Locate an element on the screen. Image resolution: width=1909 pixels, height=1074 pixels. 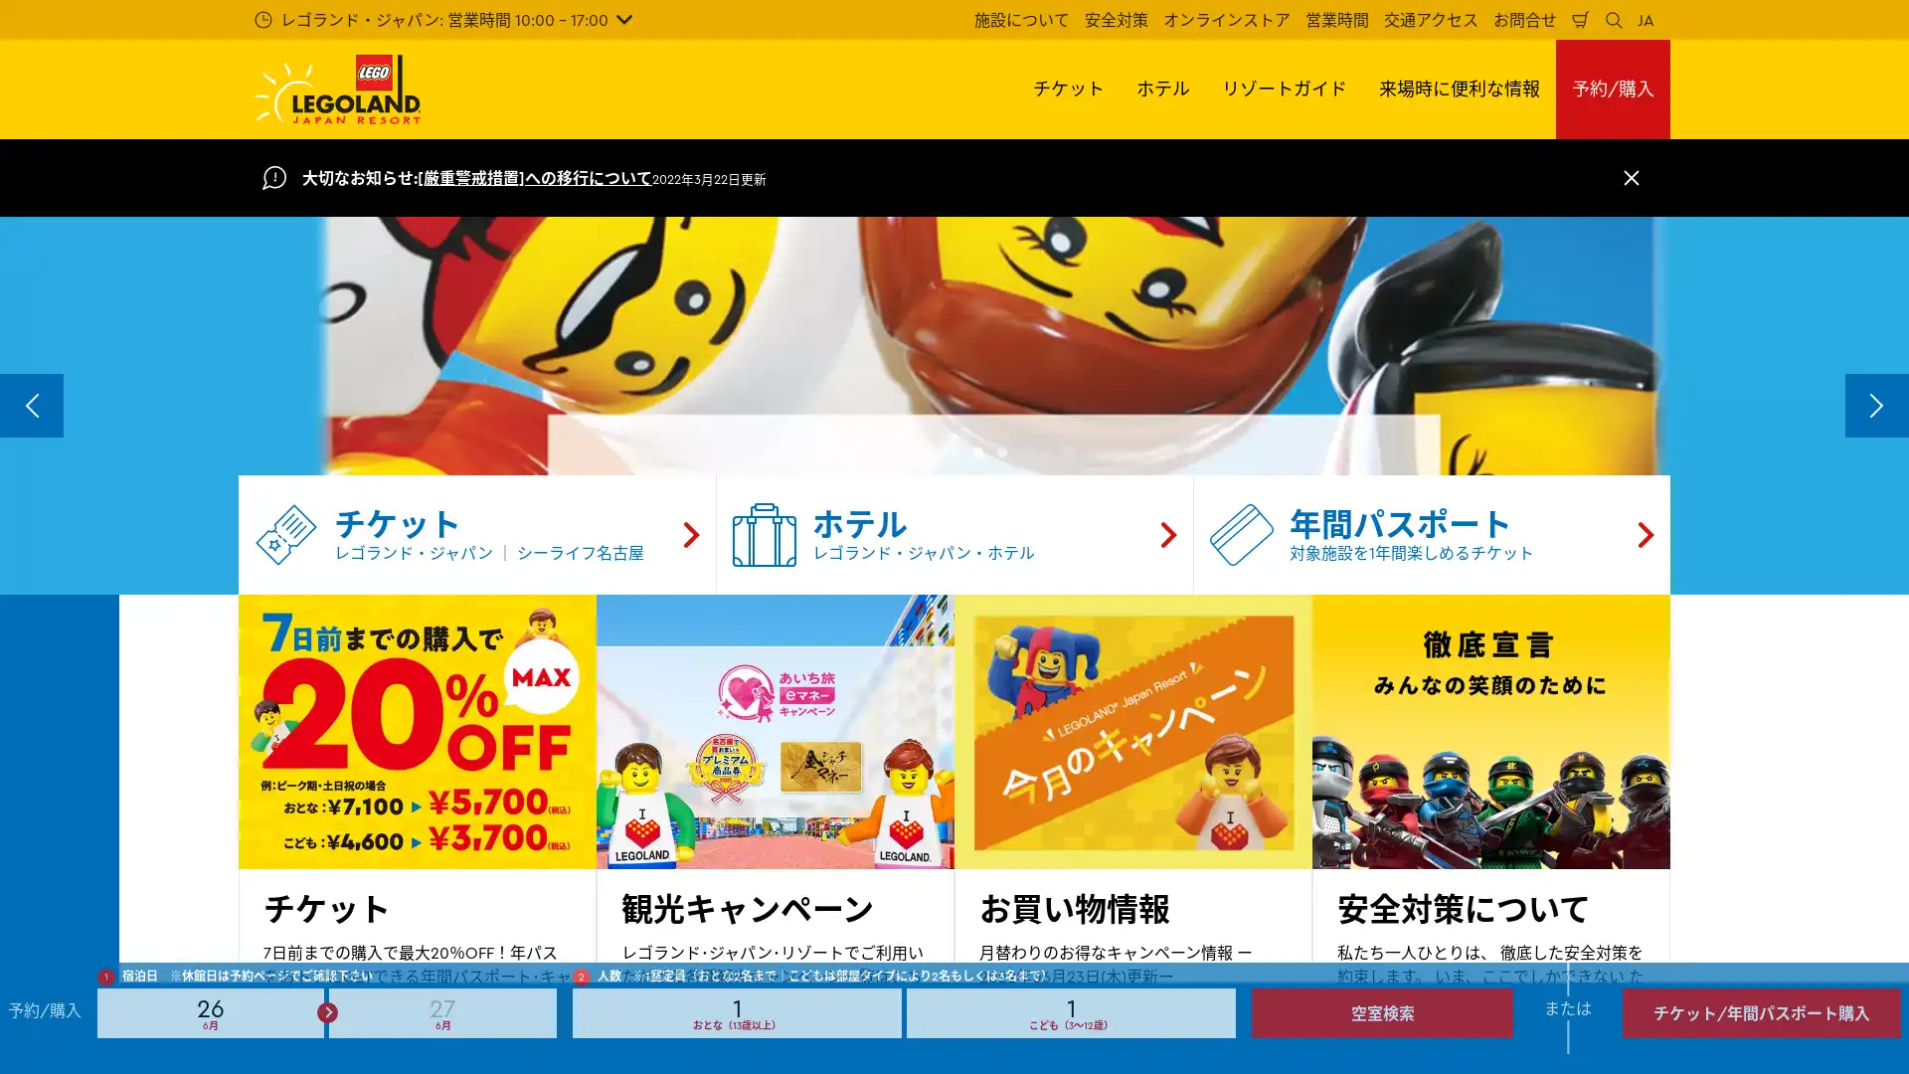
Go to slide 3 is located at coordinates (954, 847).